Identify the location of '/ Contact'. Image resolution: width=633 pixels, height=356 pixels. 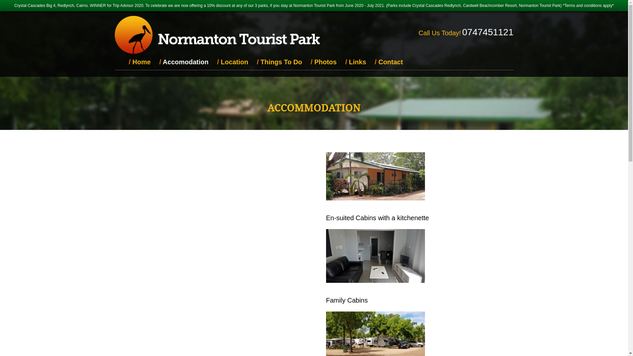
(389, 62).